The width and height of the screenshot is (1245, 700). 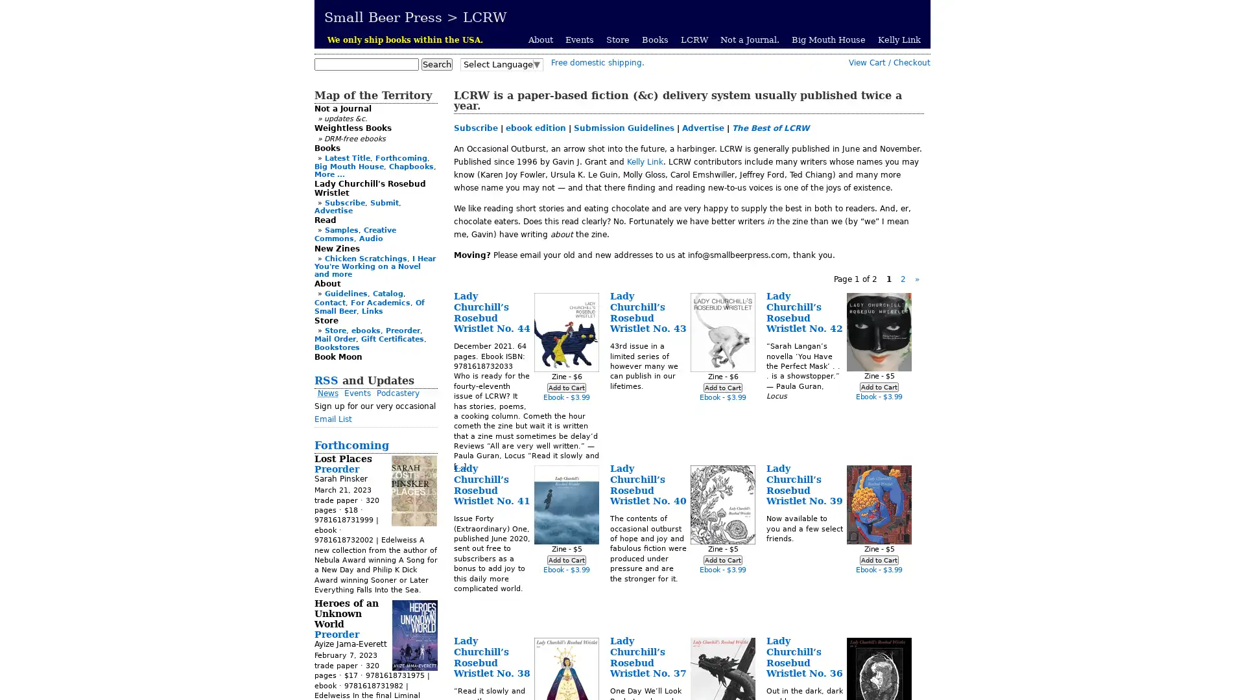 What do you see at coordinates (566, 559) in the screenshot?
I see `Add to Cart` at bounding box center [566, 559].